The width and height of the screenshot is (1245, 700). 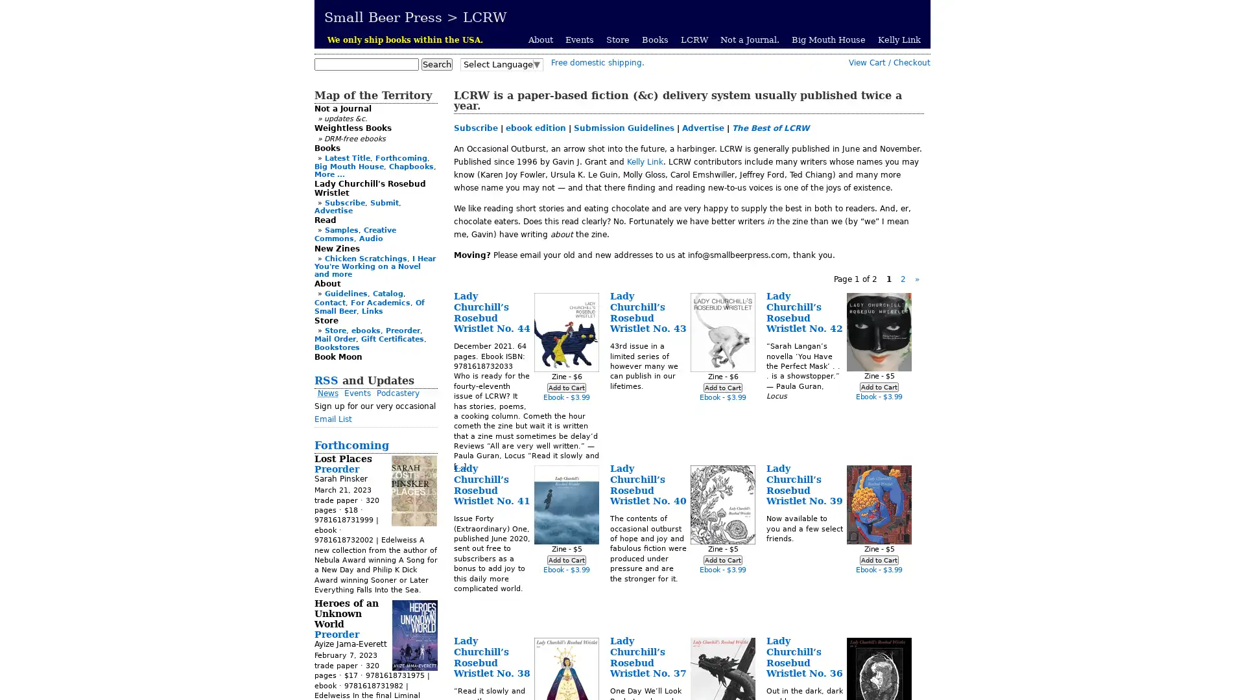 What do you see at coordinates (566, 559) in the screenshot?
I see `Add to Cart` at bounding box center [566, 559].